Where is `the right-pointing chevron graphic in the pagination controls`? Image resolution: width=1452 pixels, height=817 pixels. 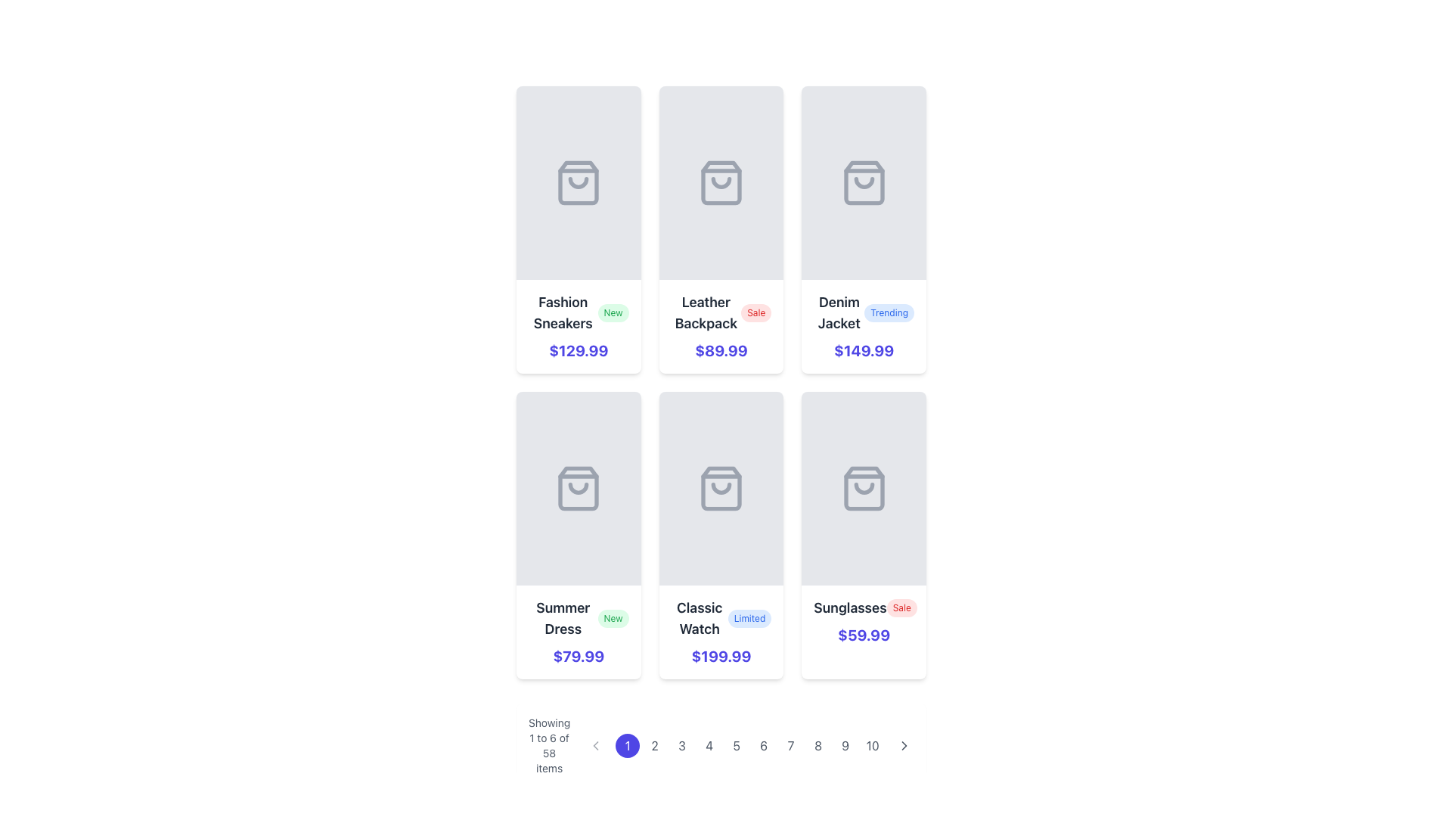
the right-pointing chevron graphic in the pagination controls is located at coordinates (904, 745).